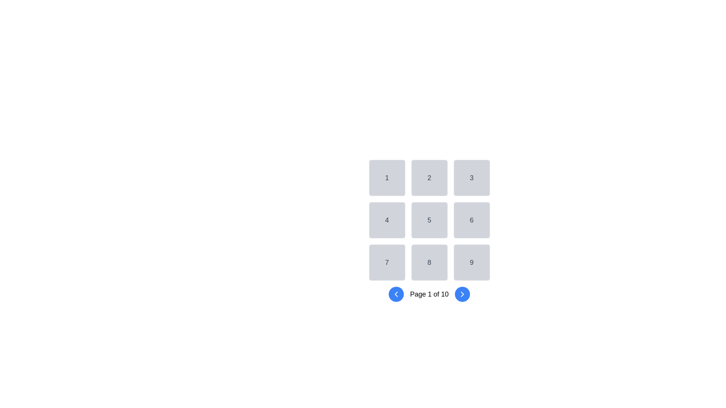 This screenshot has height=408, width=726. I want to click on the display item located in the third row and first column of the 3x3 grid, which serves as a visual indicator in the UI, so click(387, 262).